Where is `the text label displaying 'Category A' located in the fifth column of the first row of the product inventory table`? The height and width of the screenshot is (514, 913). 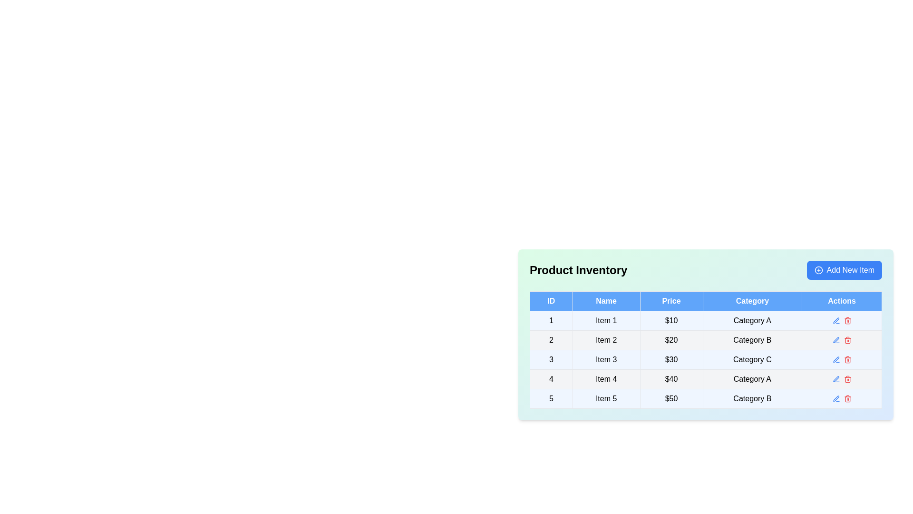
the text label displaying 'Category A' located in the fifth column of the first row of the product inventory table is located at coordinates (752, 321).